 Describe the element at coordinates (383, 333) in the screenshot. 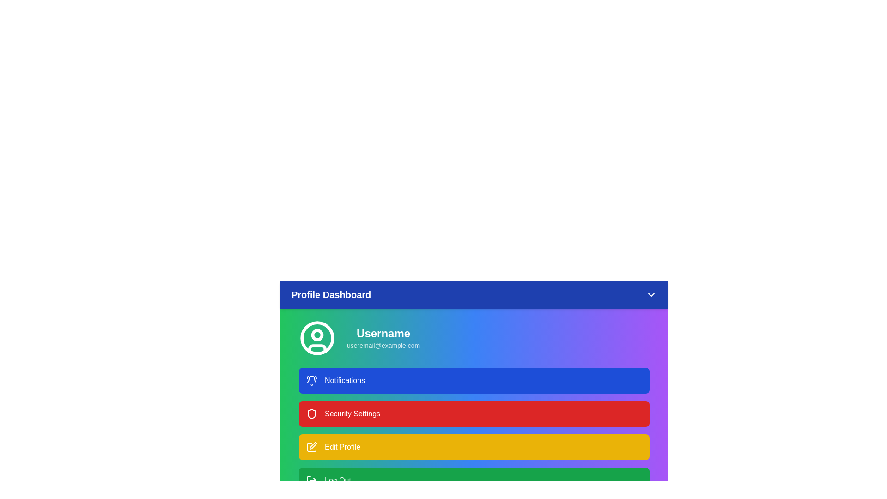

I see `the 'Username' text to trigger any associated action` at that location.